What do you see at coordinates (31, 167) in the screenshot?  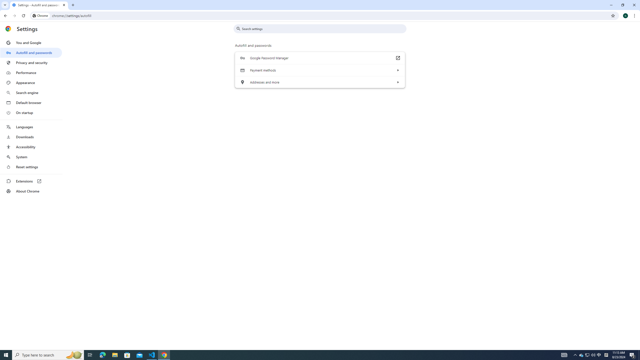 I see `'Reset settings'` at bounding box center [31, 167].